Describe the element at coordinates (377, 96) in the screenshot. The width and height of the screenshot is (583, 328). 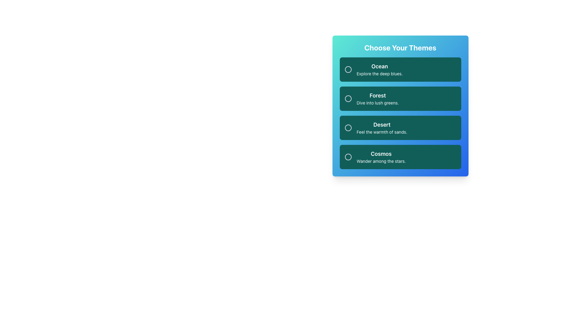
I see `the 'Forest' text label, which is the main title in the selection menu` at that location.